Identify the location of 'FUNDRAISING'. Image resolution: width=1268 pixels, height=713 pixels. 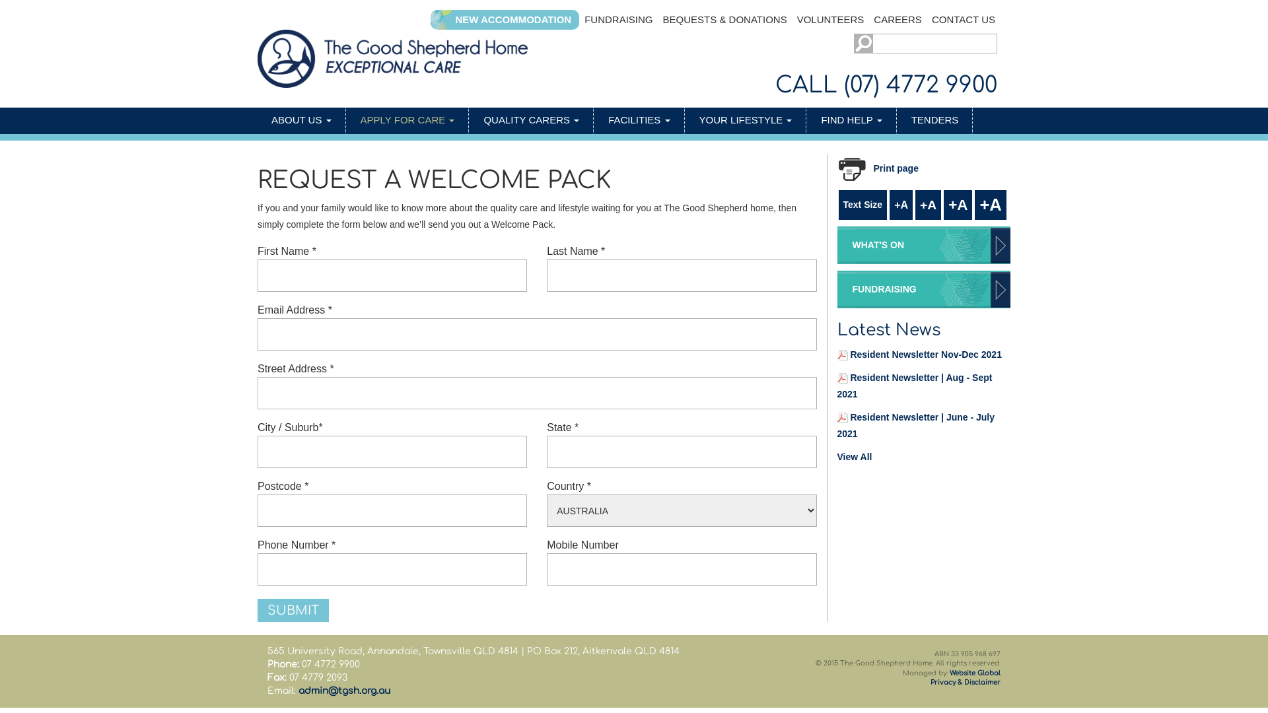
(617, 20).